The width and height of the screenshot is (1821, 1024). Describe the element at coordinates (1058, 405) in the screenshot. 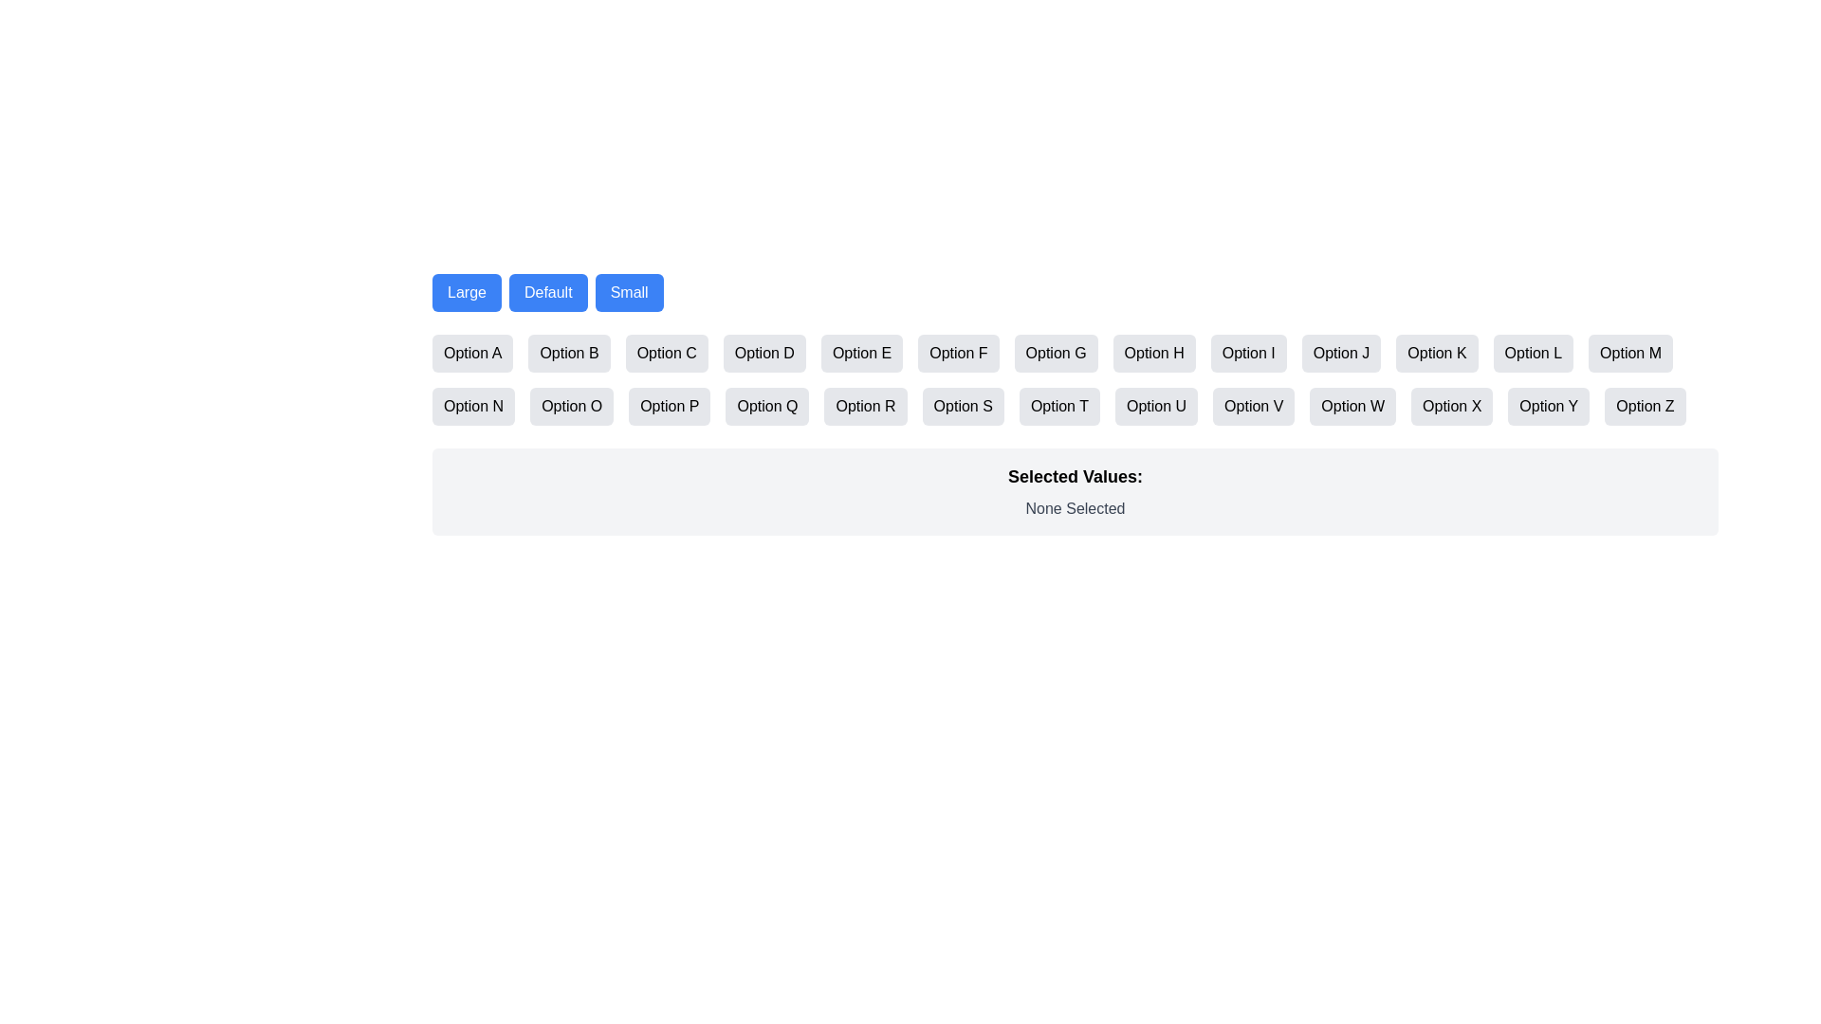

I see `the button labeled 'Option T' located in the second row, 4th element from the left in a grid layout` at that location.